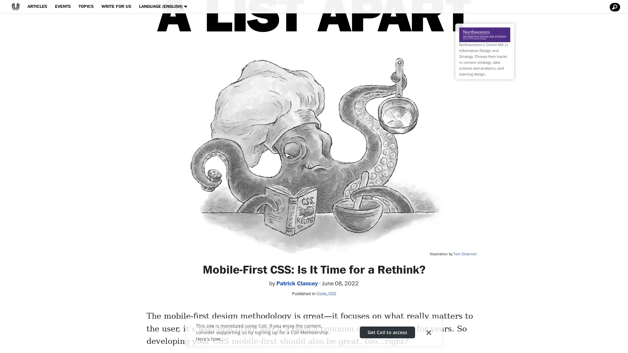 The width and height of the screenshot is (628, 353). I want to click on Search, so click(614, 7).